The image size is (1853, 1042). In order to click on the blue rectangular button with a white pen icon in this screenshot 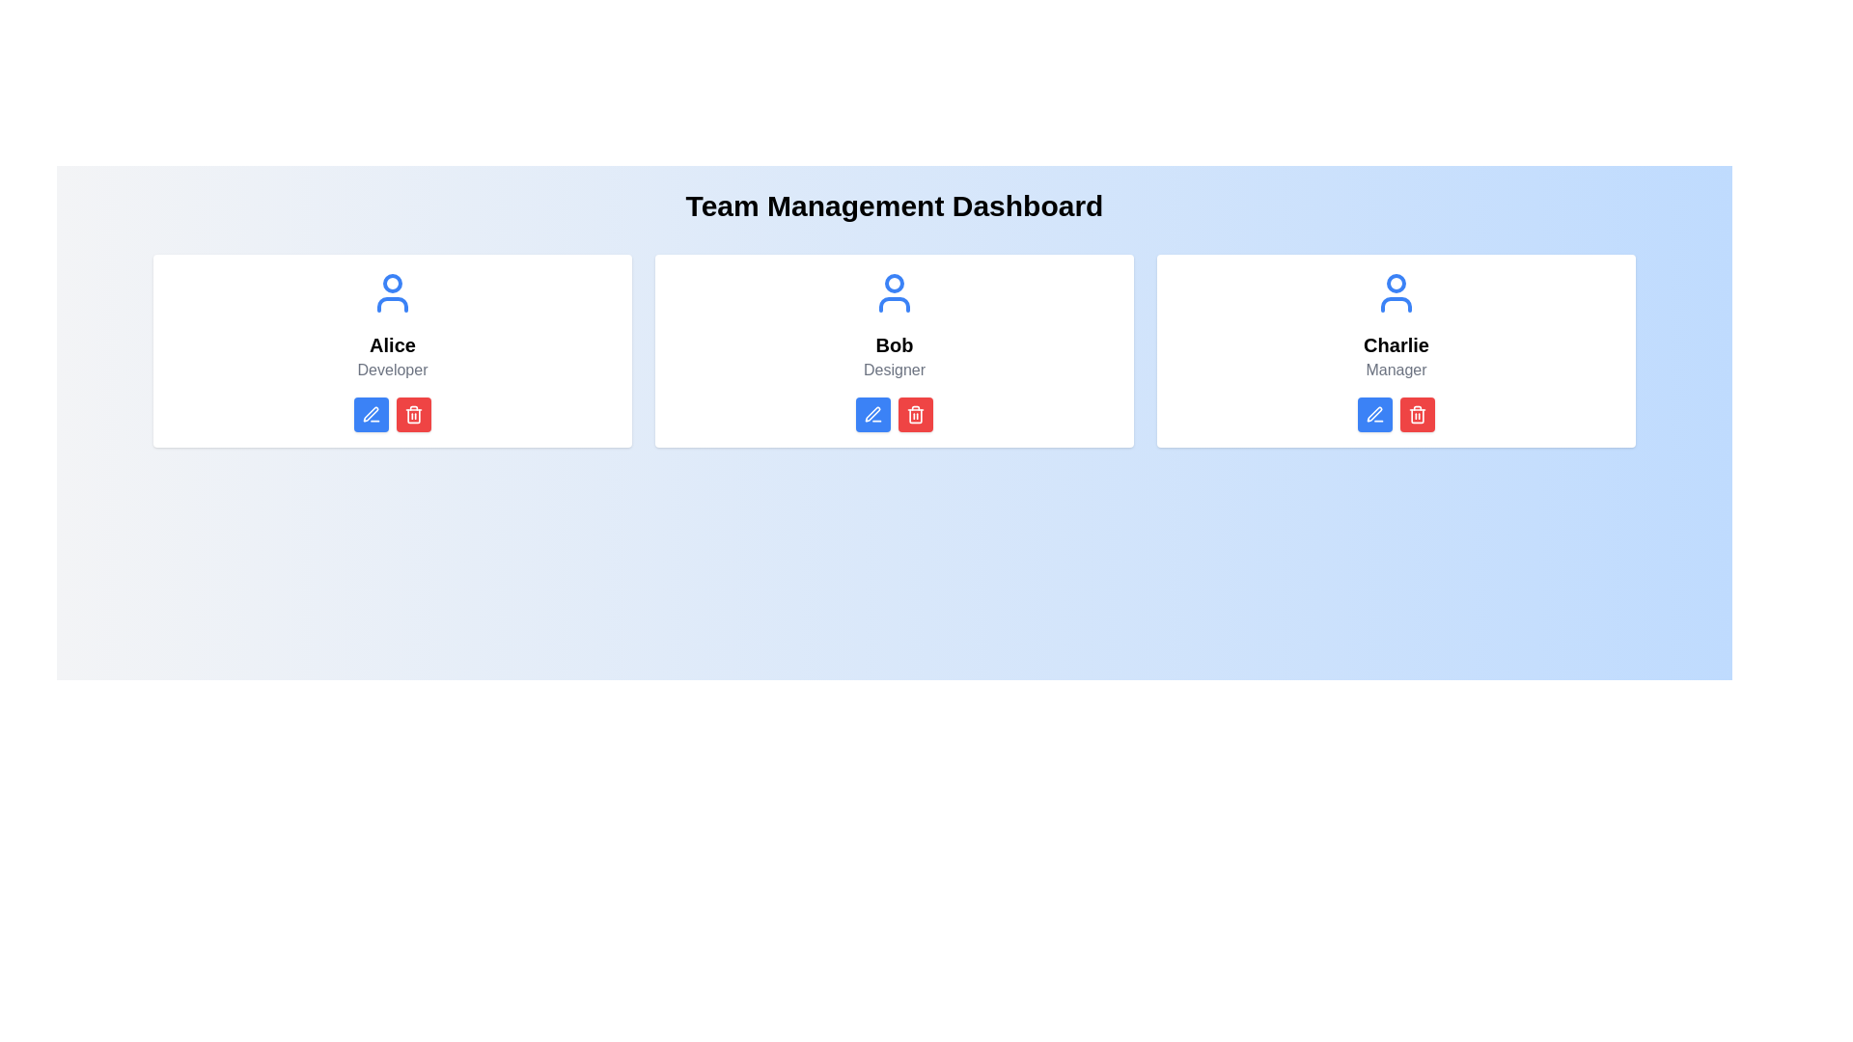, I will do `click(1374, 413)`.